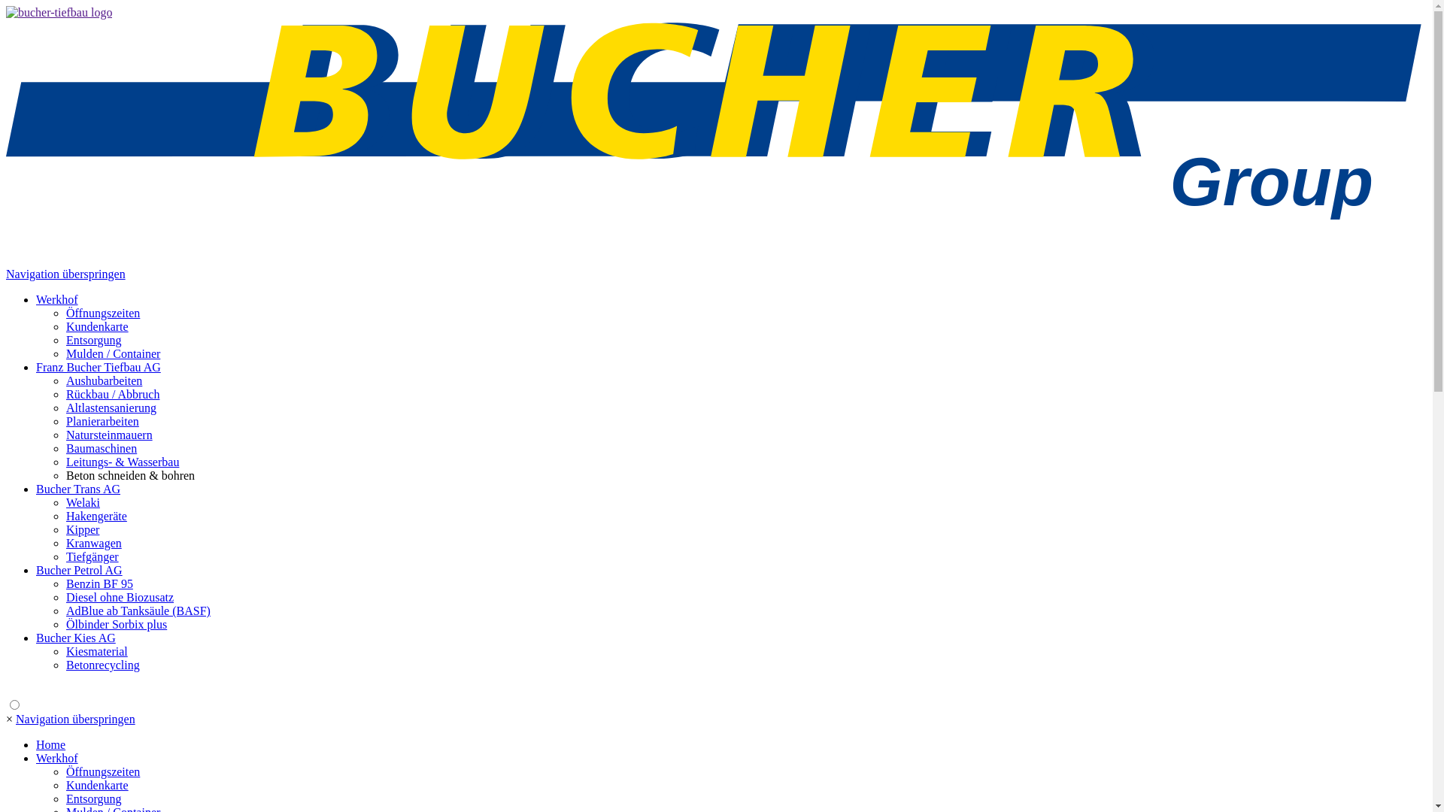 The width and height of the screenshot is (1444, 812). Describe the element at coordinates (123, 461) in the screenshot. I see `'Leitungs- & Wasserbau'` at that location.